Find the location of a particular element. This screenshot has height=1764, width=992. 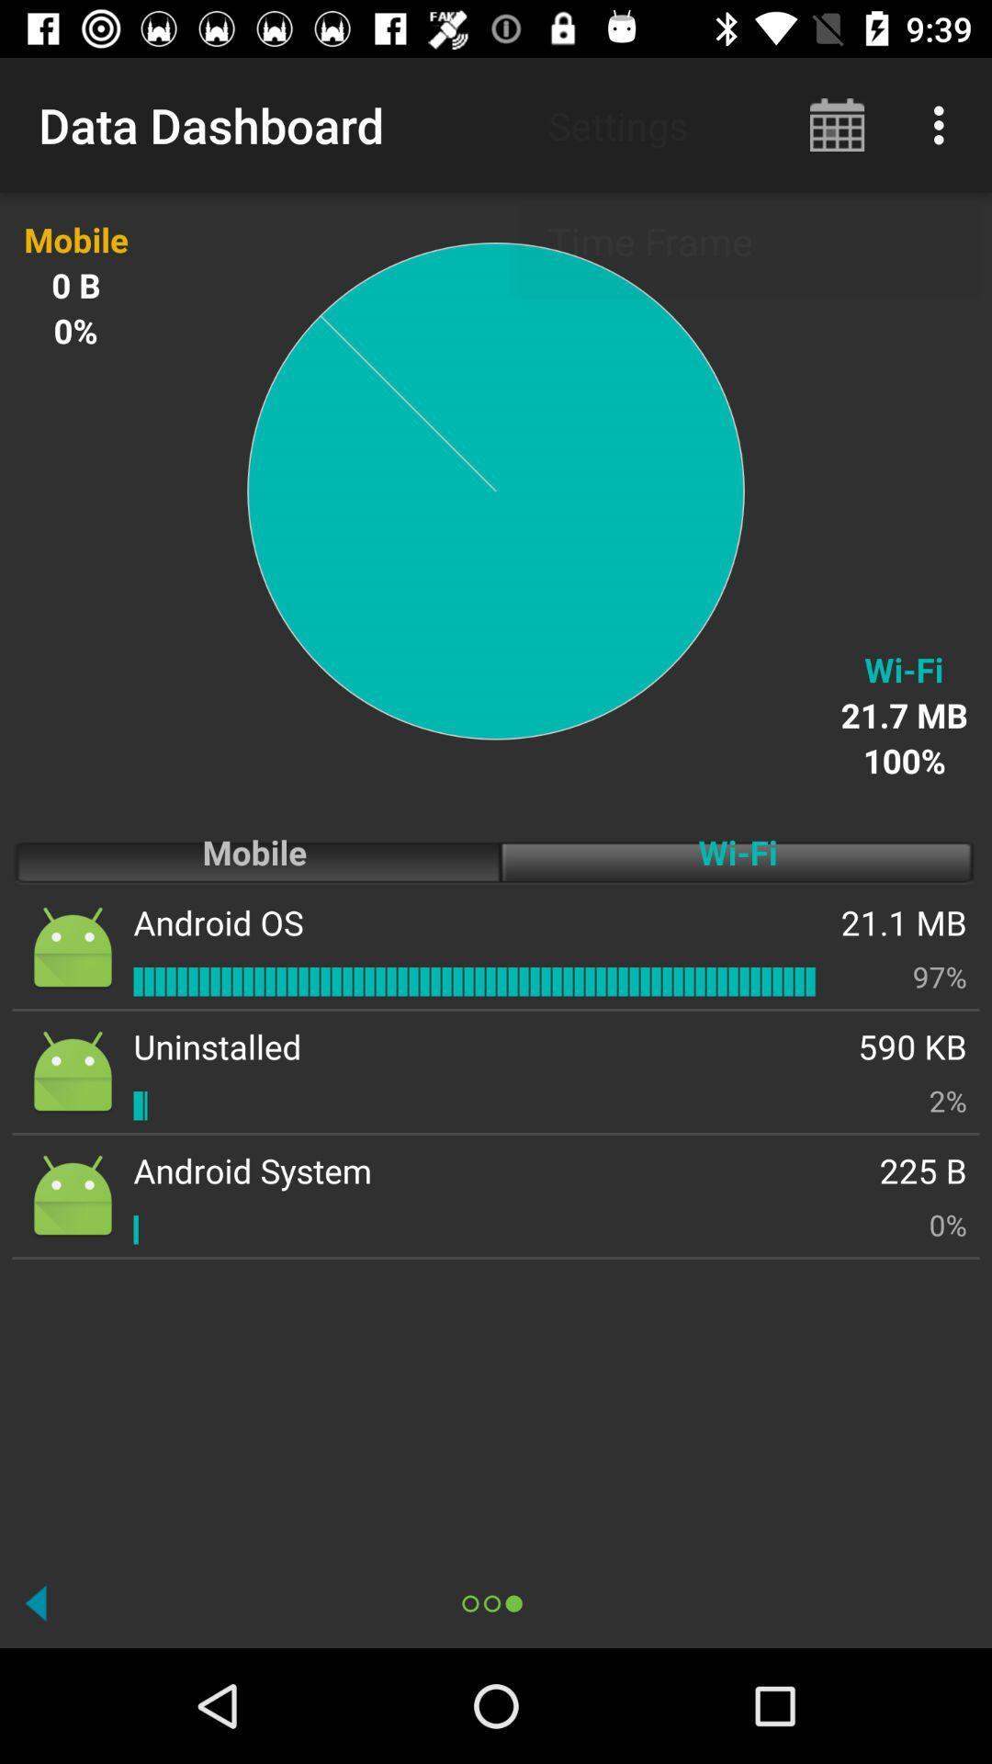

the icon next to the 225 b icon is located at coordinates (253, 1170).